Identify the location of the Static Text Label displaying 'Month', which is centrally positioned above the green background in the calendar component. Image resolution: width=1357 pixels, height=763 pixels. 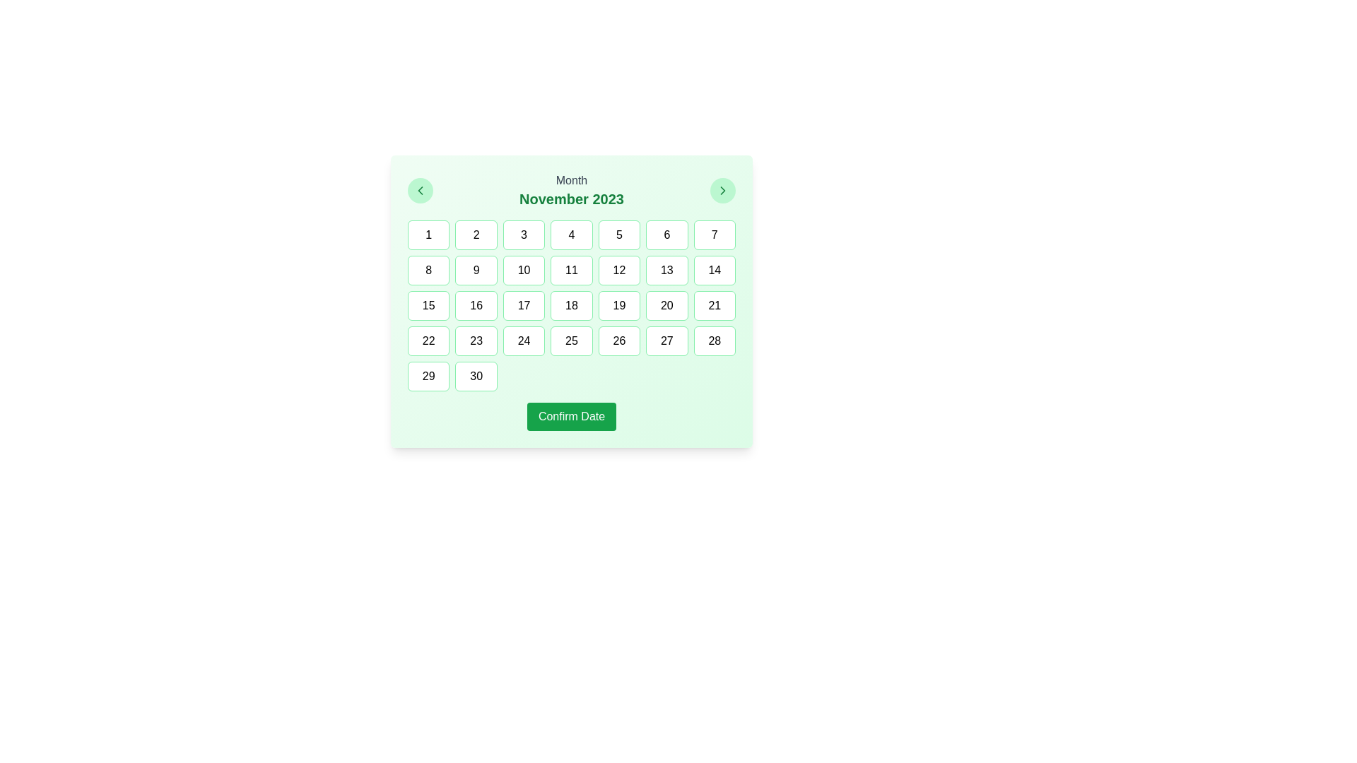
(572, 179).